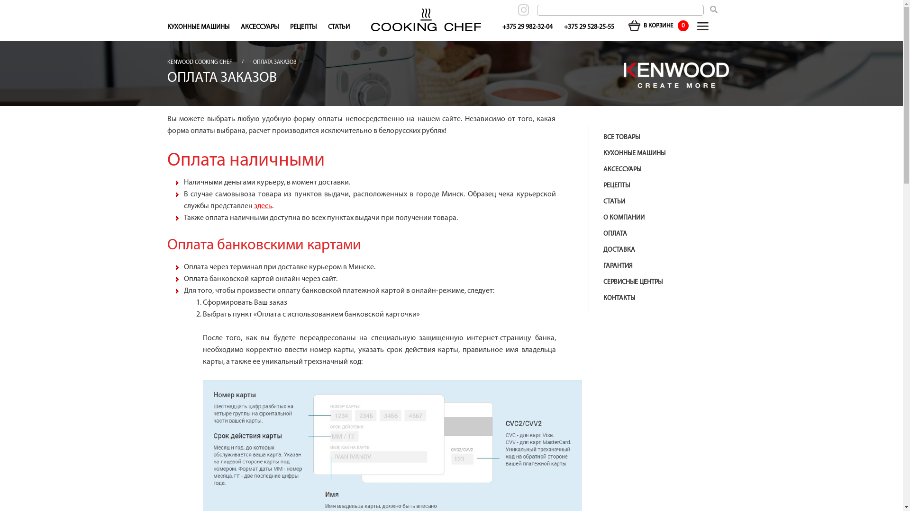 The height and width of the screenshot is (511, 910). What do you see at coordinates (496, 26) in the screenshot?
I see `'+375 29 982-32-04'` at bounding box center [496, 26].